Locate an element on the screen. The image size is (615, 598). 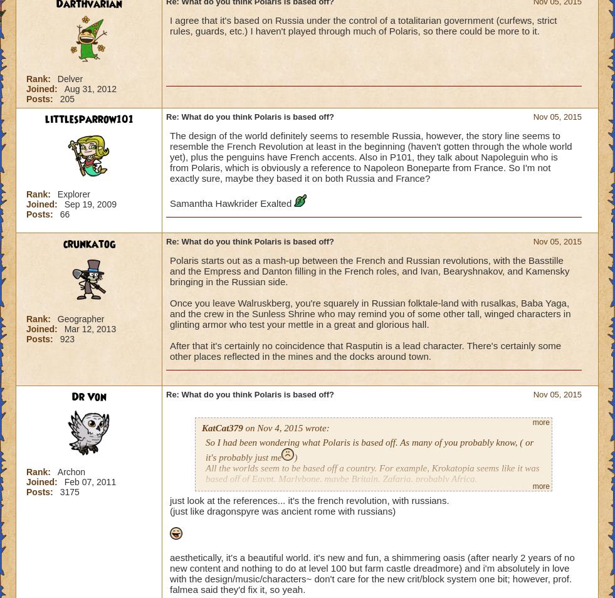
'crunkatog' is located at coordinates (88, 244).